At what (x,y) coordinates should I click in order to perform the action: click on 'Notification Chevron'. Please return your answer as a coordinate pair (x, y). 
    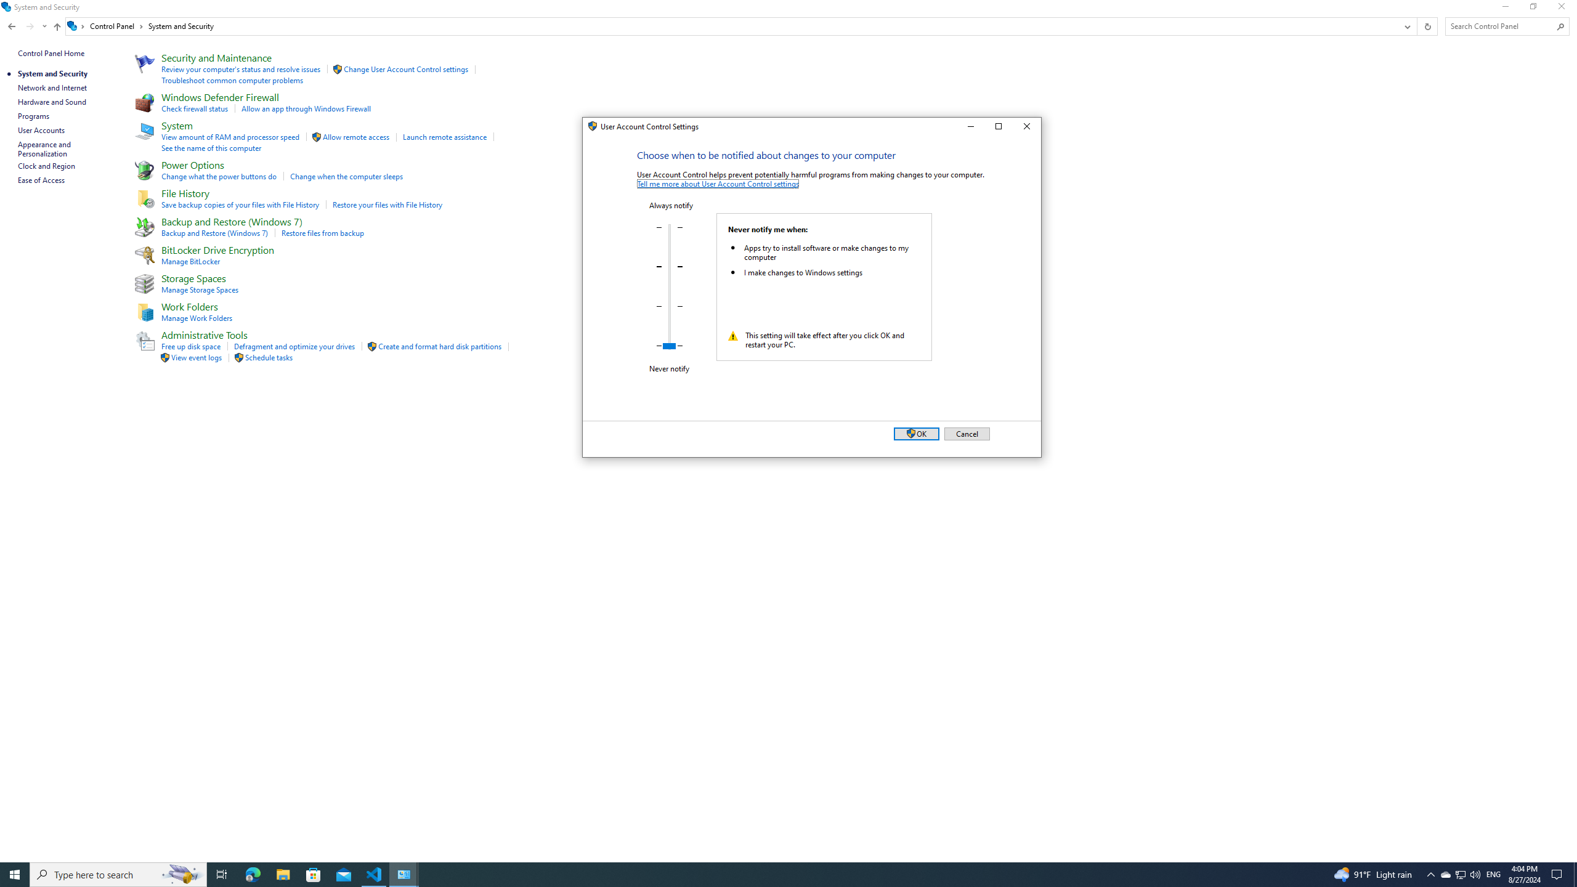
    Looking at the image, I should click on (1431, 873).